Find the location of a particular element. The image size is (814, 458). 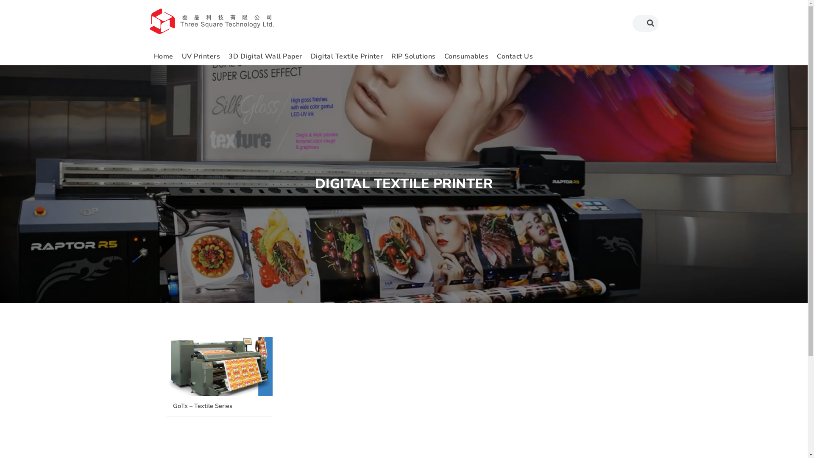

'Contact Us' is located at coordinates (514, 56).